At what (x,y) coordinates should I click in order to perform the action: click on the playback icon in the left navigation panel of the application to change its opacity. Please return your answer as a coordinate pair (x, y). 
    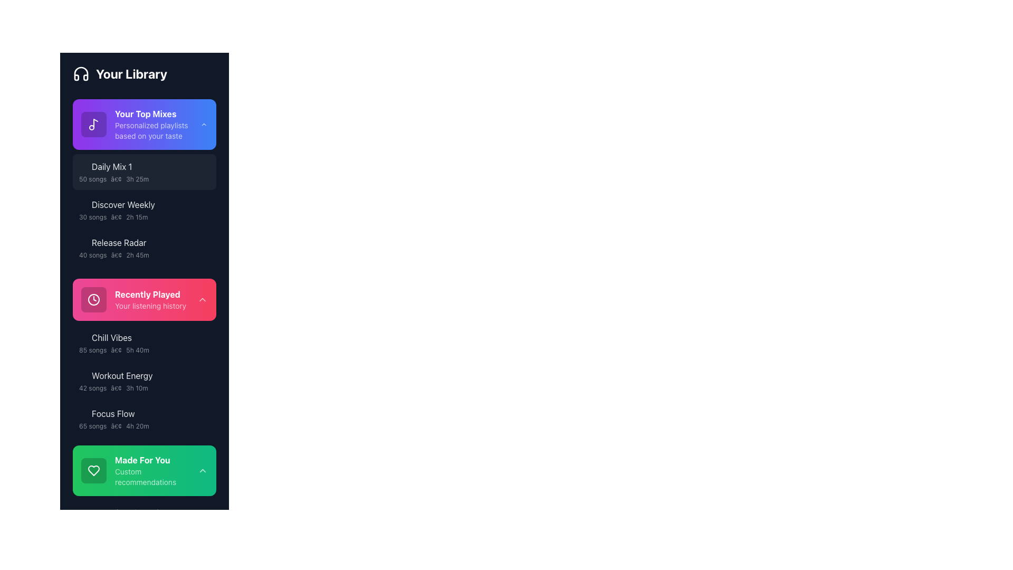
    Looking at the image, I should click on (83, 512).